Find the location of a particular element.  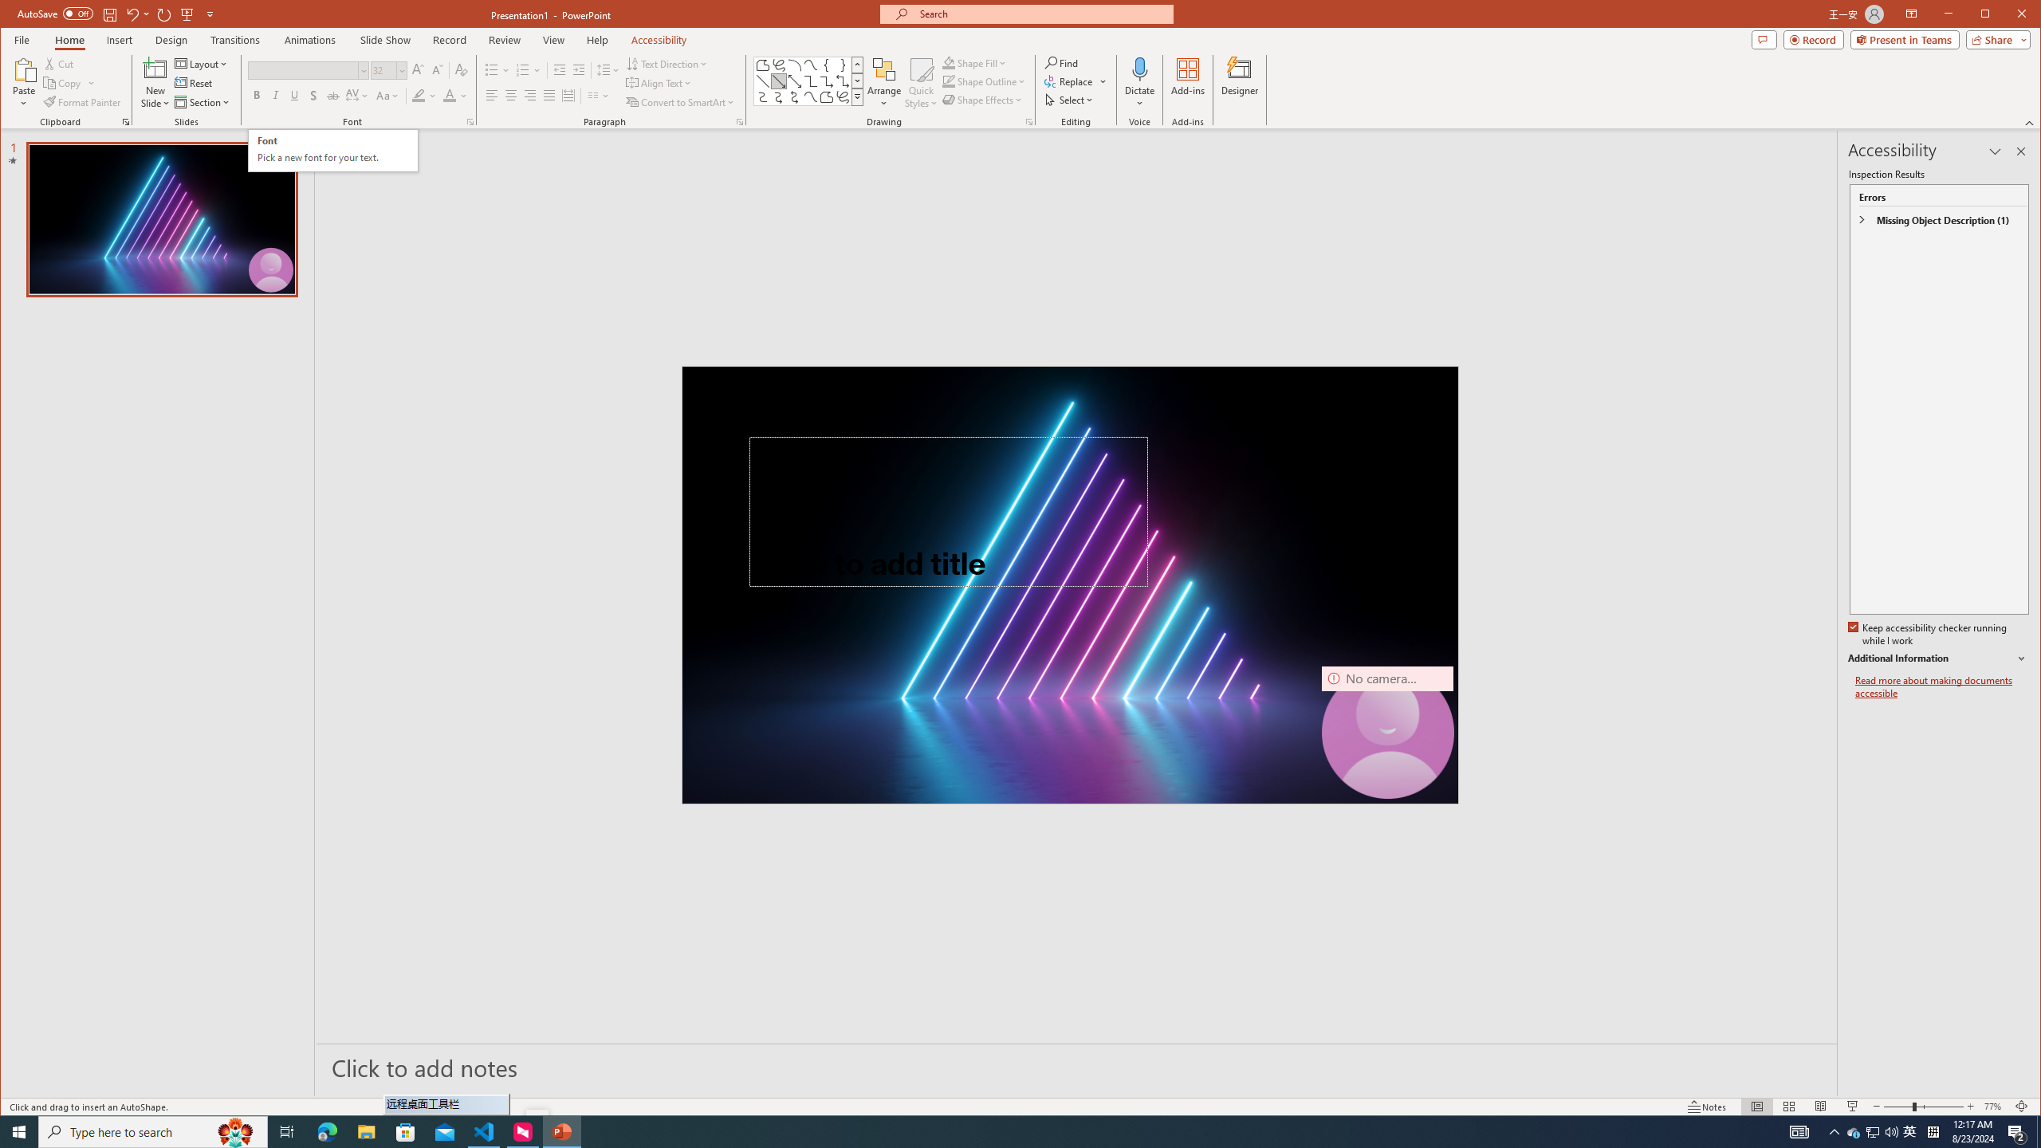

'Shape Outline Blue, Accent 1' is located at coordinates (949, 81).